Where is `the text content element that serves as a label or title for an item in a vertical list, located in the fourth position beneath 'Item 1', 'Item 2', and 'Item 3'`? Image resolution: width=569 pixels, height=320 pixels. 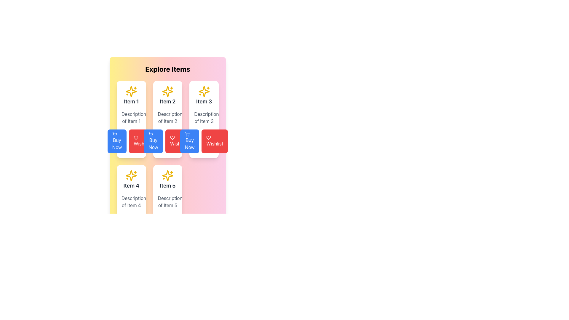
the text content element that serves as a label or title for an item in a vertical list, located in the fourth position beneath 'Item 1', 'Item 2', and 'Item 3' is located at coordinates (131, 185).